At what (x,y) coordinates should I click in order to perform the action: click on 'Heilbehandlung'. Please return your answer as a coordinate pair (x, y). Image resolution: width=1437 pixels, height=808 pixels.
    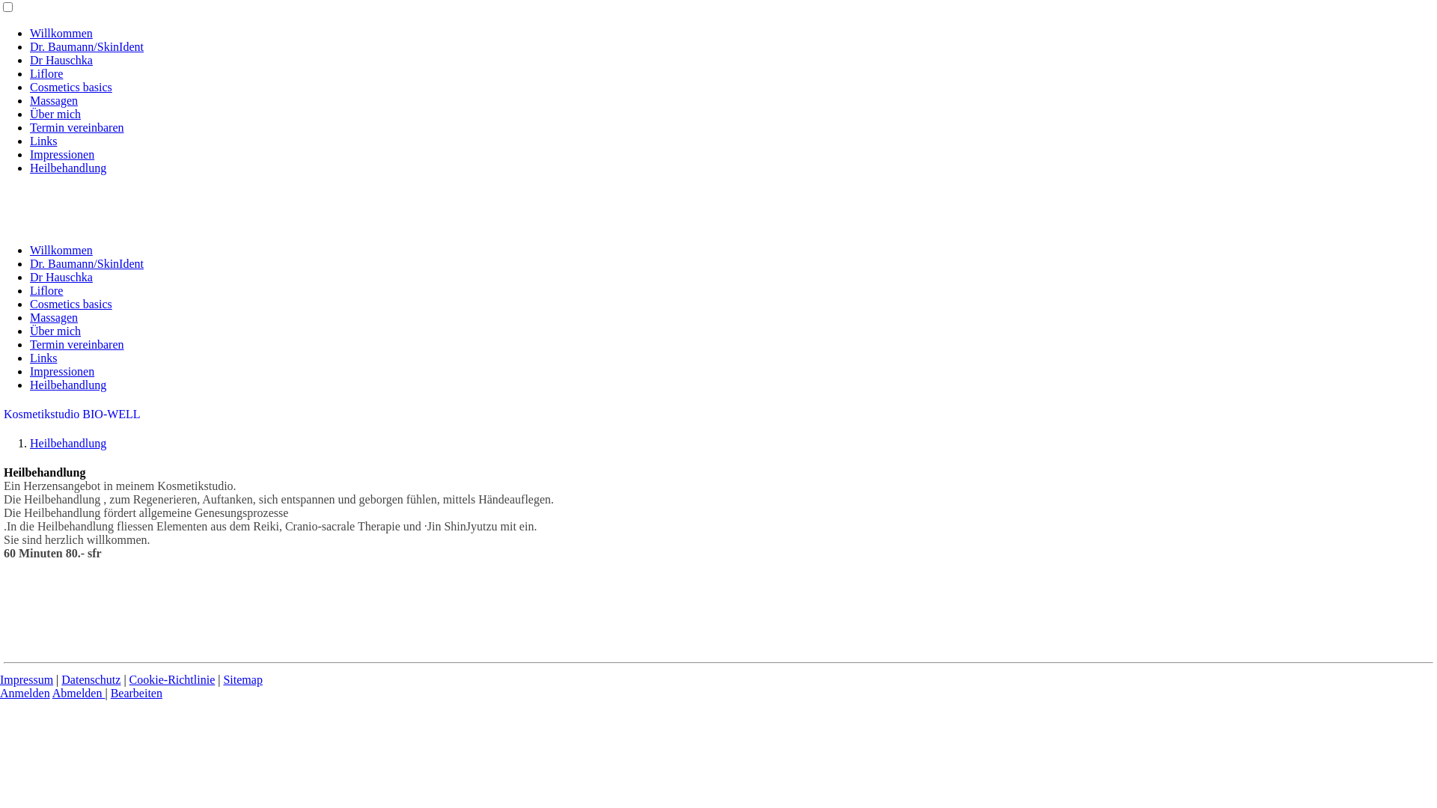
    Looking at the image, I should click on (29, 384).